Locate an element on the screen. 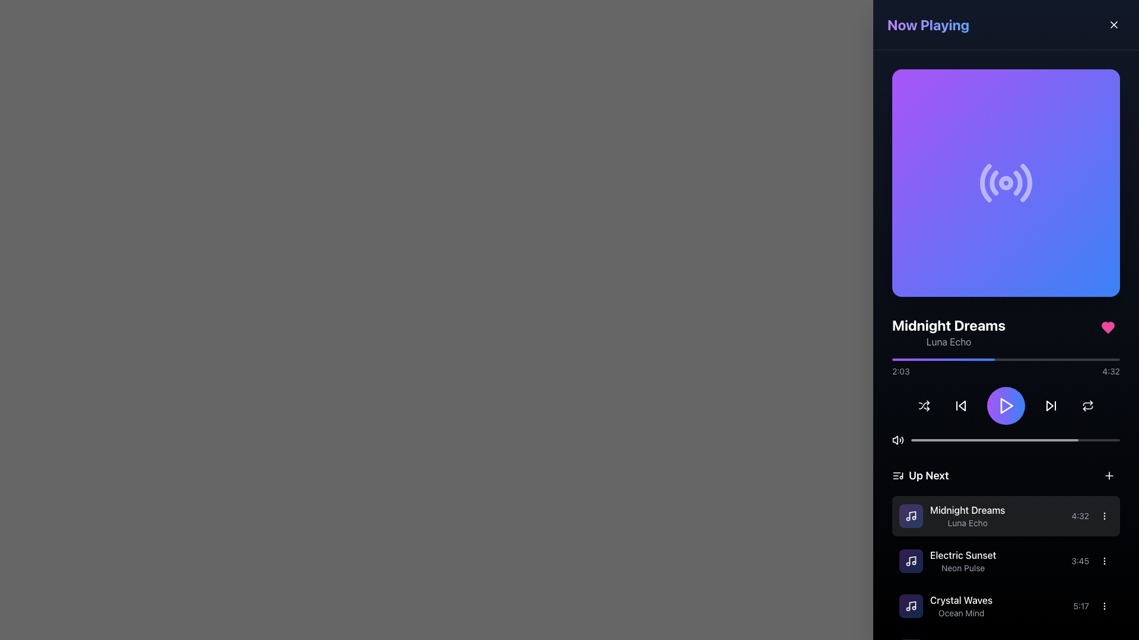 The image size is (1139, 640). the 'skip forward' or 'next track' button located in the bottom area of the right-hand control panel, which is the fifth button from the left in a row of media control buttons is located at coordinates (1051, 405).